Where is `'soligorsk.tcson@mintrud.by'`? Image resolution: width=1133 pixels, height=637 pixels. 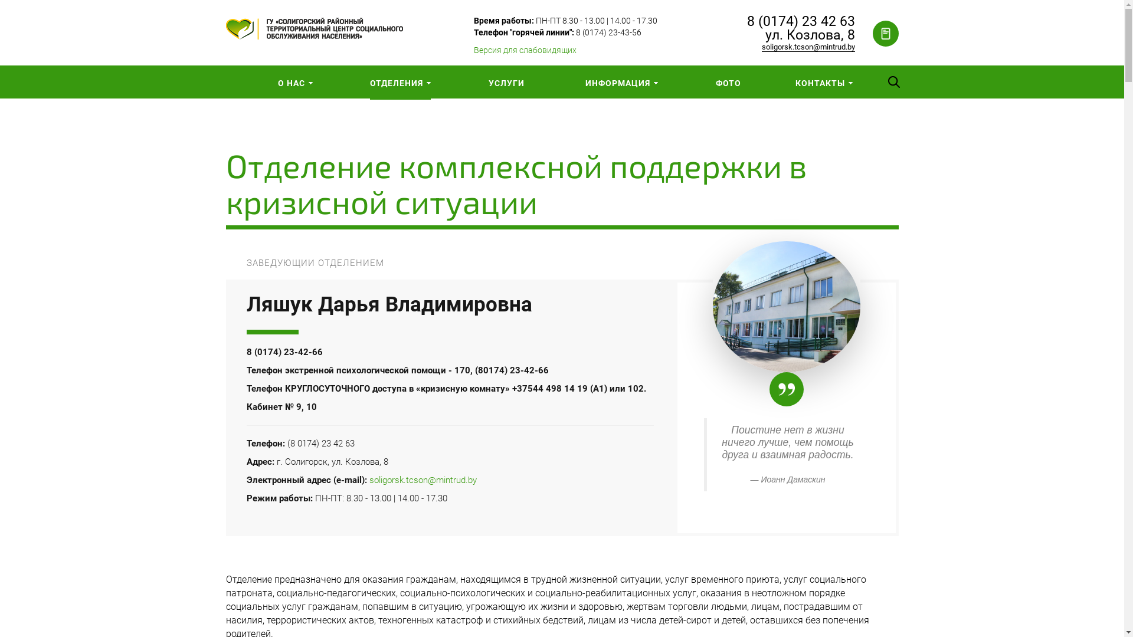
'soligorsk.tcson@mintrud.by' is located at coordinates (423, 480).